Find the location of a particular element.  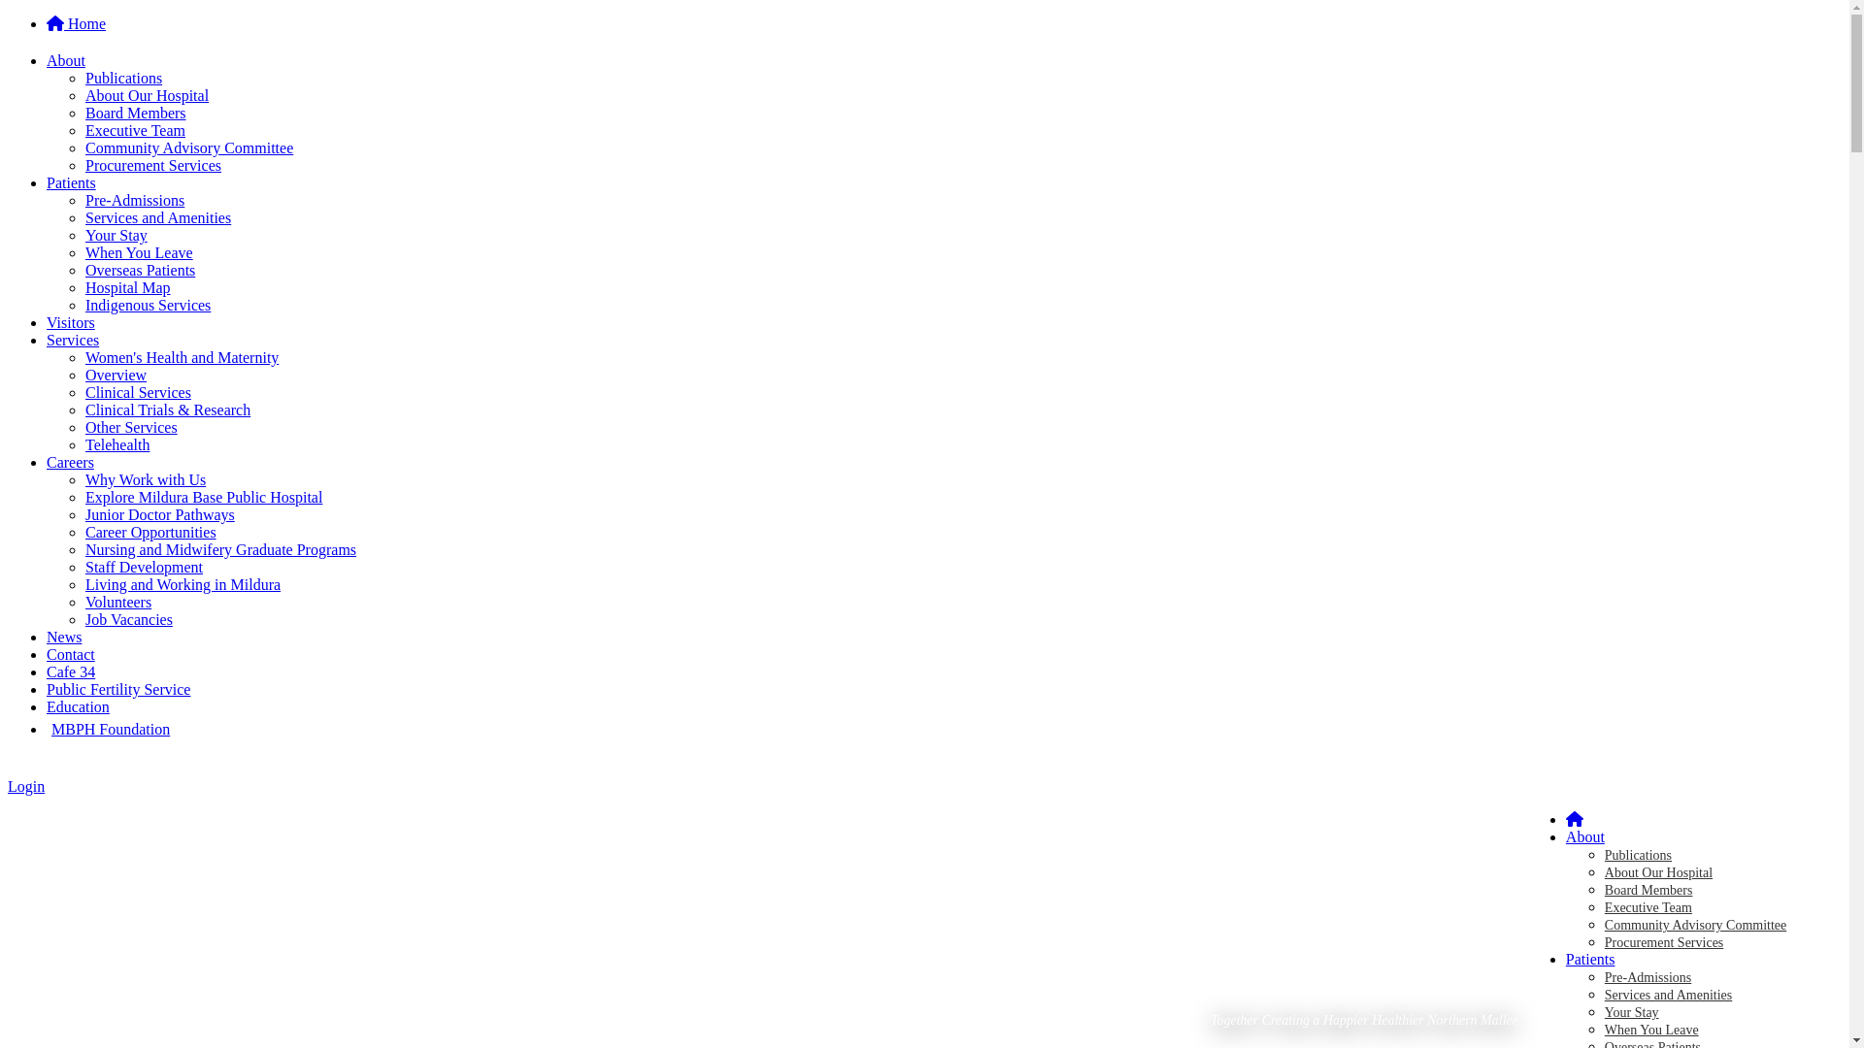

'Volunteers' is located at coordinates (116, 601).